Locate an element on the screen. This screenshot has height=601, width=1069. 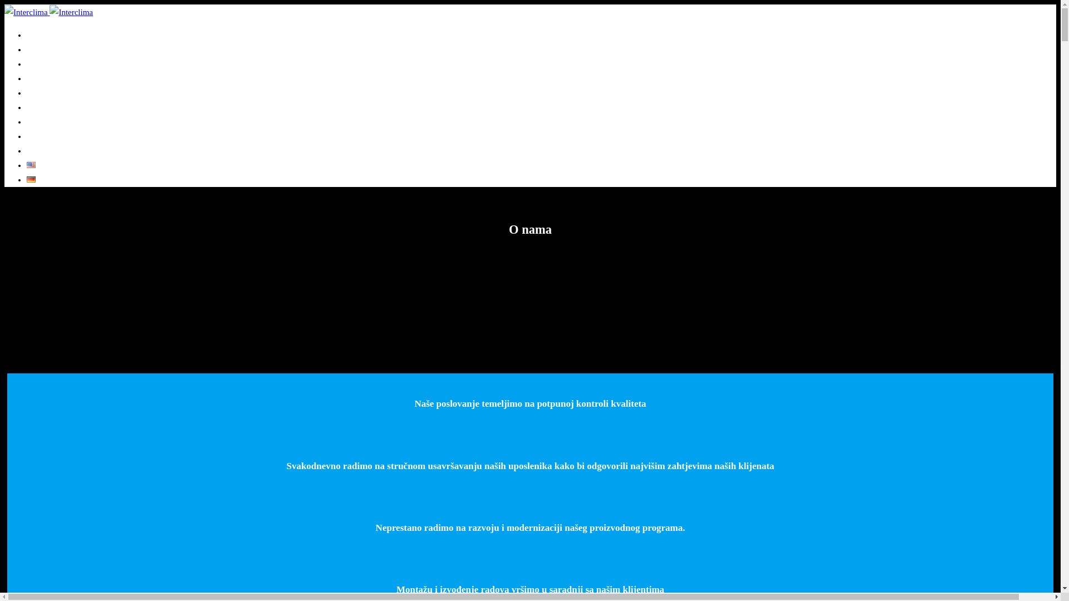
'O nama' is located at coordinates (41, 48).